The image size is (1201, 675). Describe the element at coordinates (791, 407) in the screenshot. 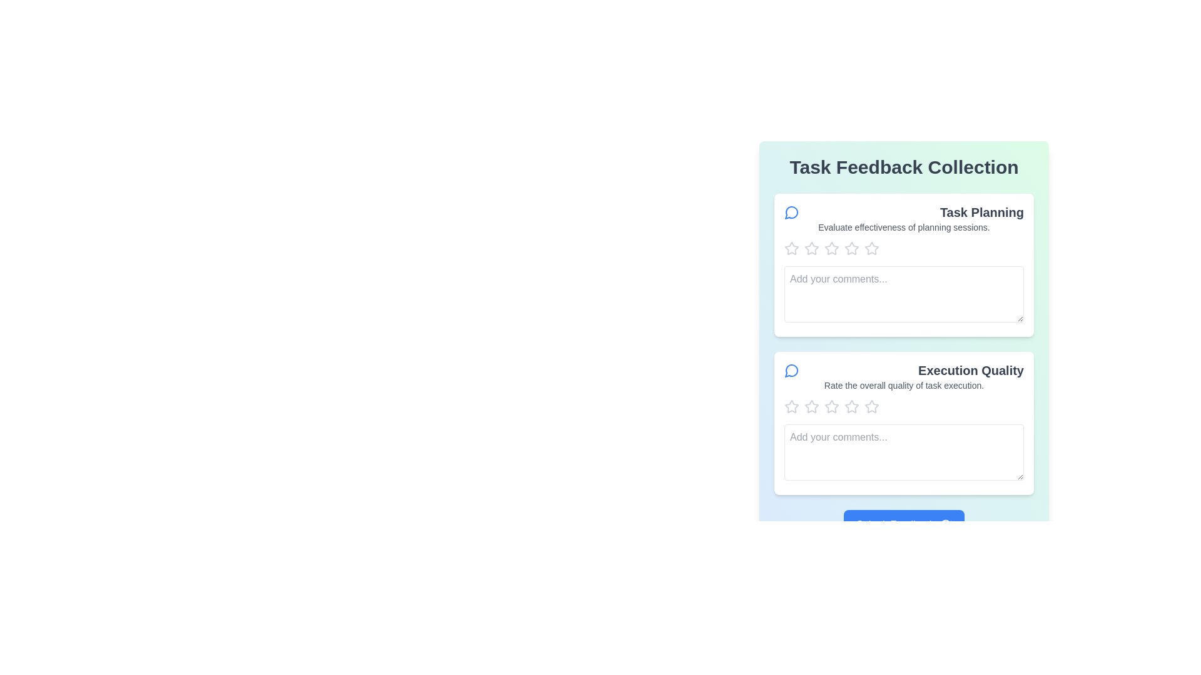

I see `the first hollow star icon in the 5-star rating row under the 'Execution Quality' section in the 'Task Feedback Collection' card` at that location.